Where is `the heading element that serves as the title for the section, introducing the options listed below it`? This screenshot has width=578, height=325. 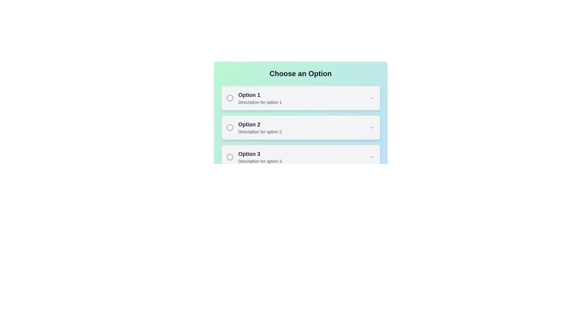 the heading element that serves as the title for the section, introducing the options listed below it is located at coordinates (300, 73).